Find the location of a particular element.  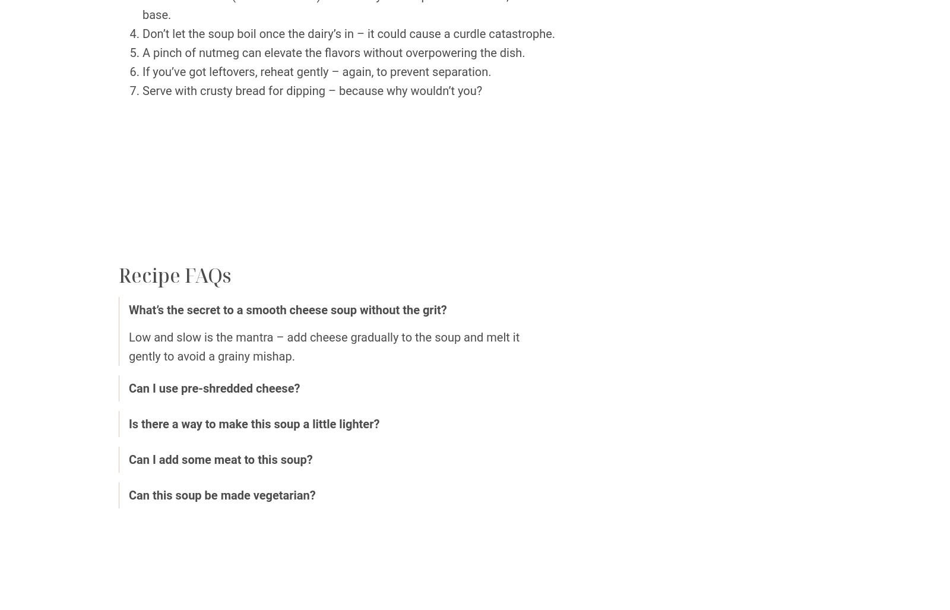

'Is there a way to make this soup a little lighter?' is located at coordinates (128, 423).